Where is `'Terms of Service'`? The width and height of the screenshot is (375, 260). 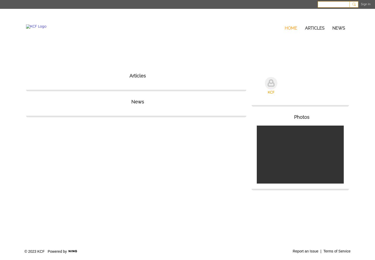
'Terms of Service' is located at coordinates (337, 251).